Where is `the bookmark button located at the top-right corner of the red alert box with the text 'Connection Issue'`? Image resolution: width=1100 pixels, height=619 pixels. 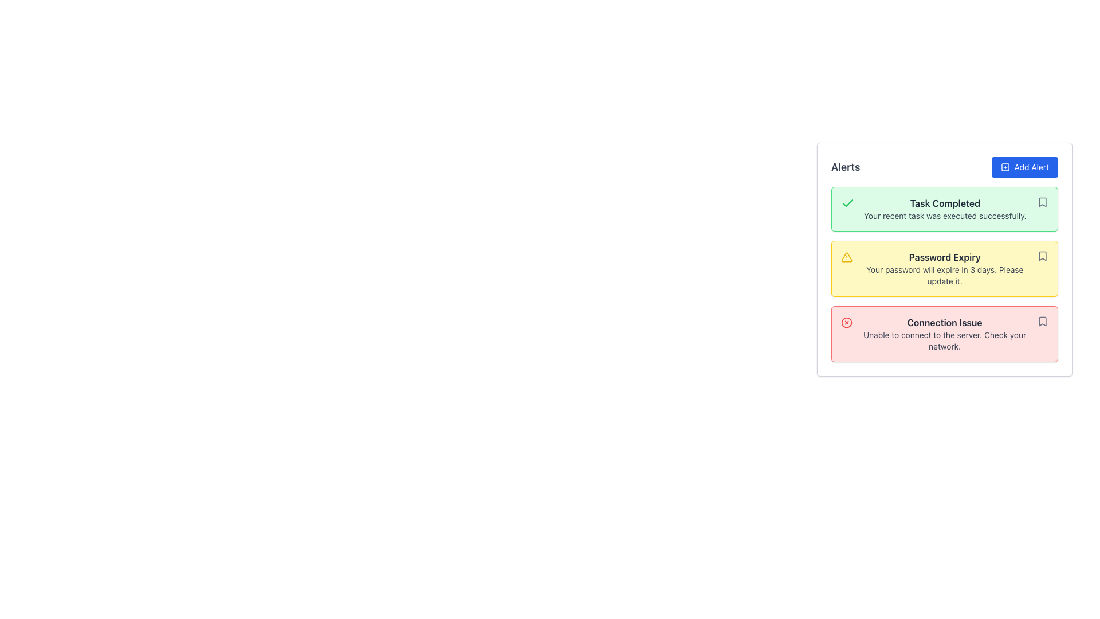
the bookmark button located at the top-right corner of the red alert box with the text 'Connection Issue' is located at coordinates (1042, 321).